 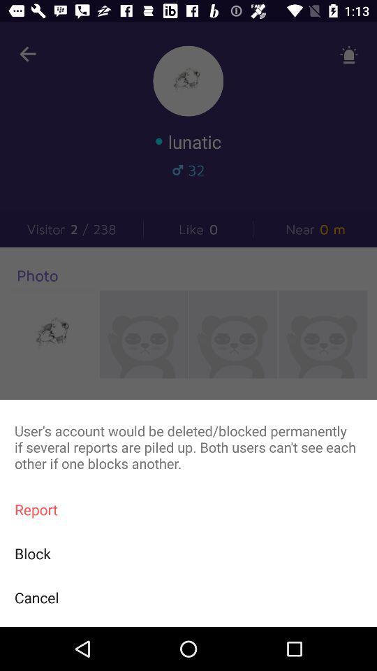 I want to click on item below the user s account, so click(x=188, y=509).